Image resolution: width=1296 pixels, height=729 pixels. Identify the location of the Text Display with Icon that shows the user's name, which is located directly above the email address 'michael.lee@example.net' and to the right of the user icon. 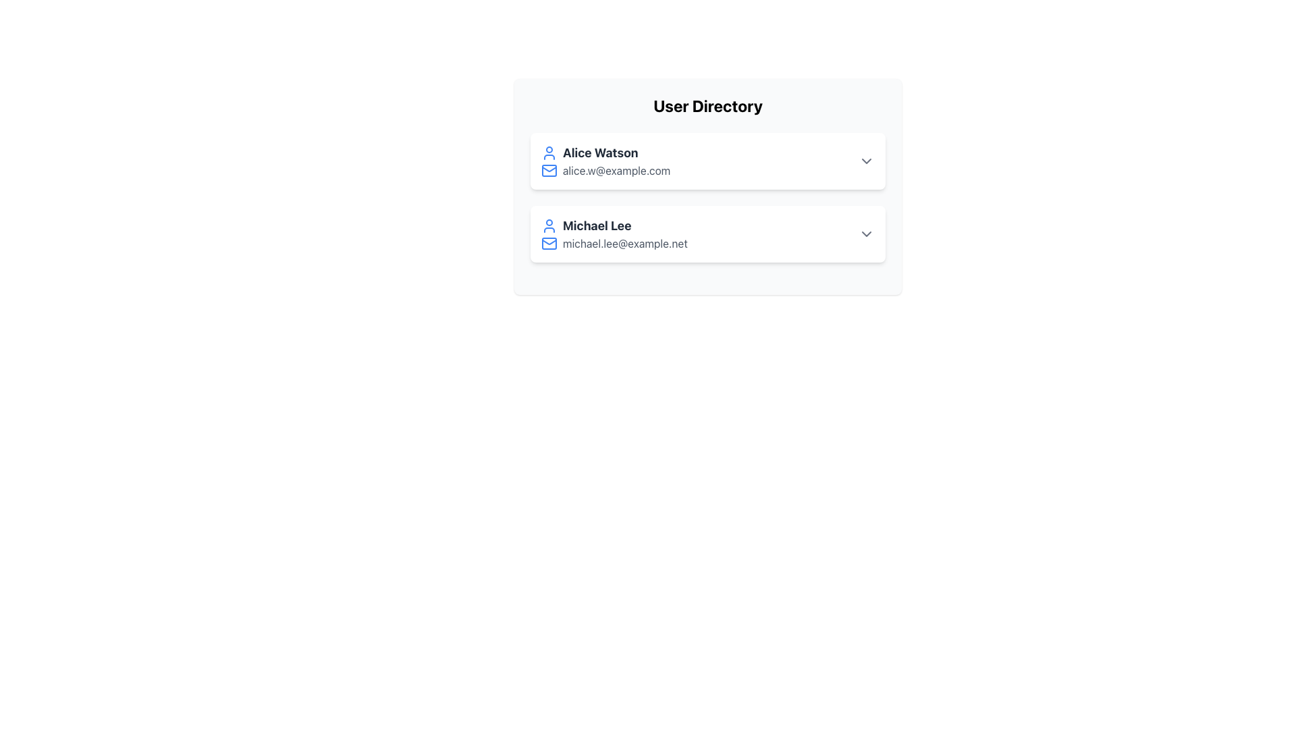
(614, 225).